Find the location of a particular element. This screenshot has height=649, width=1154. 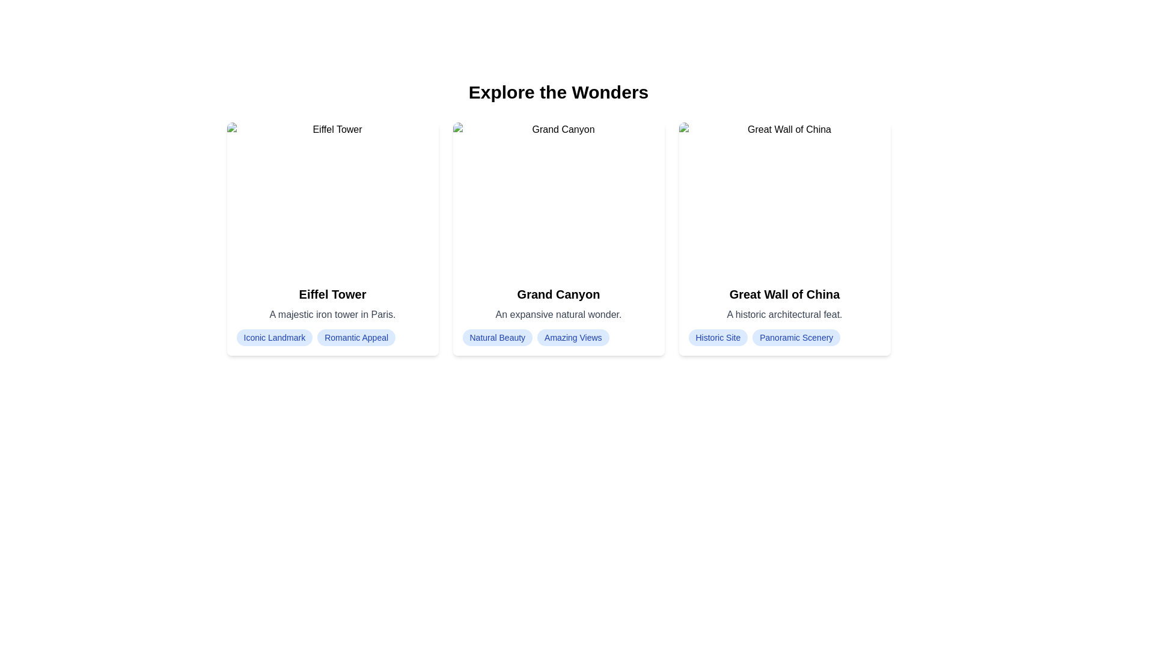

the 'Panoramic Scenery' badge, which is a pill-shaped label with a light blue background and blue text, located to the right of the 'Historic Site' badge below the description of 'Great Wall of China' is located at coordinates (796, 338).